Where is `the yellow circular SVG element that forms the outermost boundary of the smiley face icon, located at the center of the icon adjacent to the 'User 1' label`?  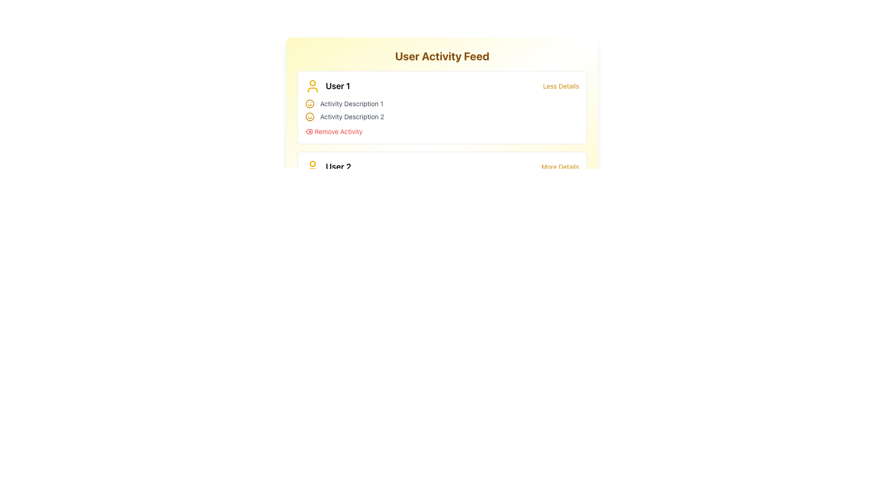 the yellow circular SVG element that forms the outermost boundary of the smiley face icon, located at the center of the icon adjacent to the 'User 1' label is located at coordinates (310, 116).